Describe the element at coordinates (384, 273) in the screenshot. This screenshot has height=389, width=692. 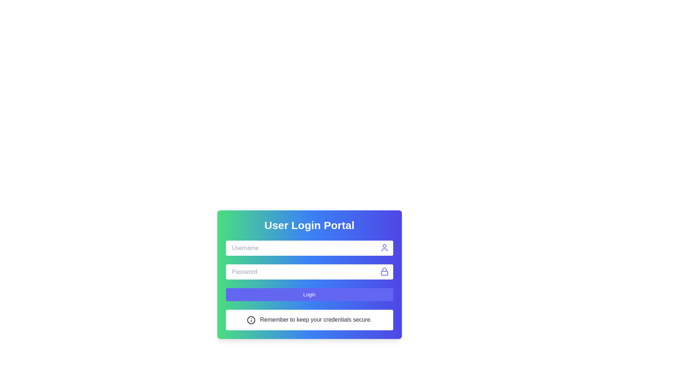
I see `the lock icon subcomponent that indicates the password field is secure, located on the right side of the password input field` at that location.